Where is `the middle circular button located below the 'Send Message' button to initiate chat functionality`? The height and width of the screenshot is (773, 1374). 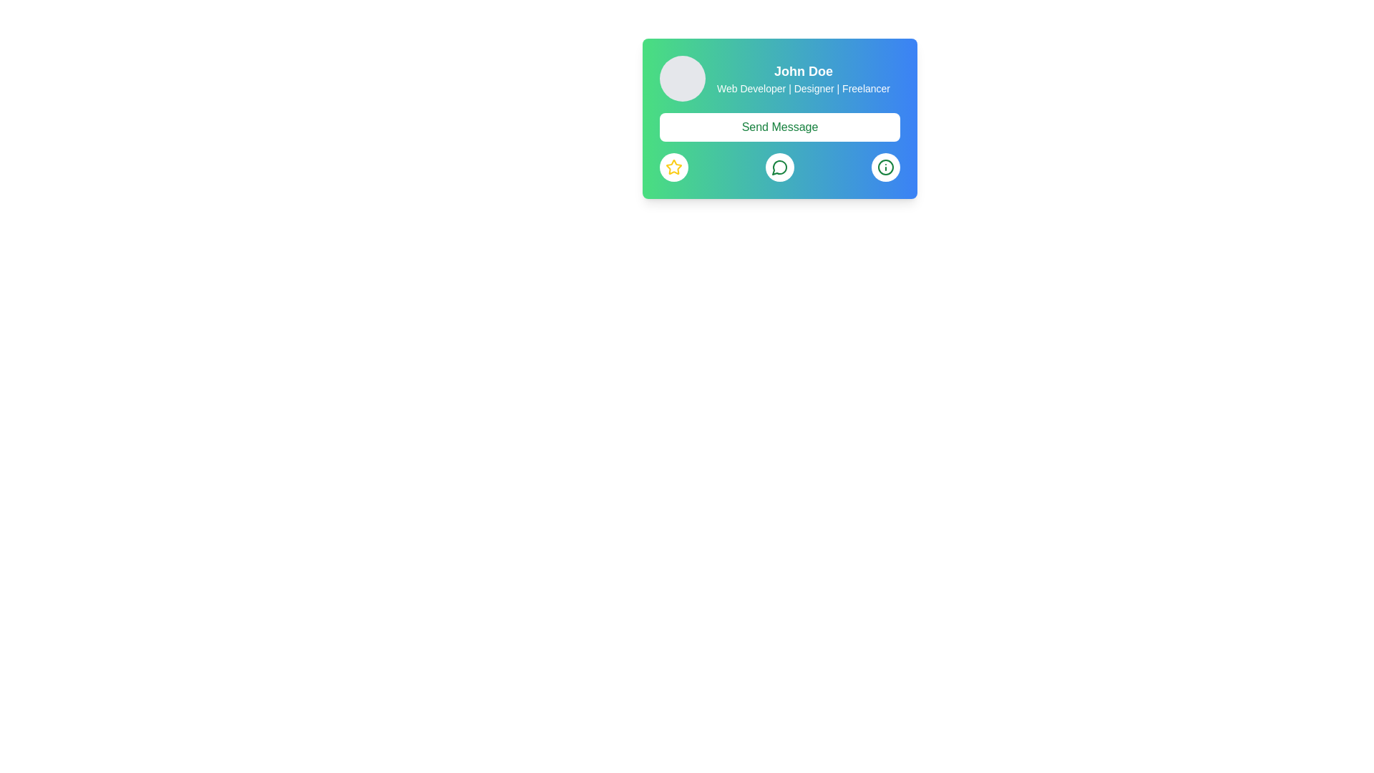 the middle circular button located below the 'Send Message' button to initiate chat functionality is located at coordinates (779, 167).